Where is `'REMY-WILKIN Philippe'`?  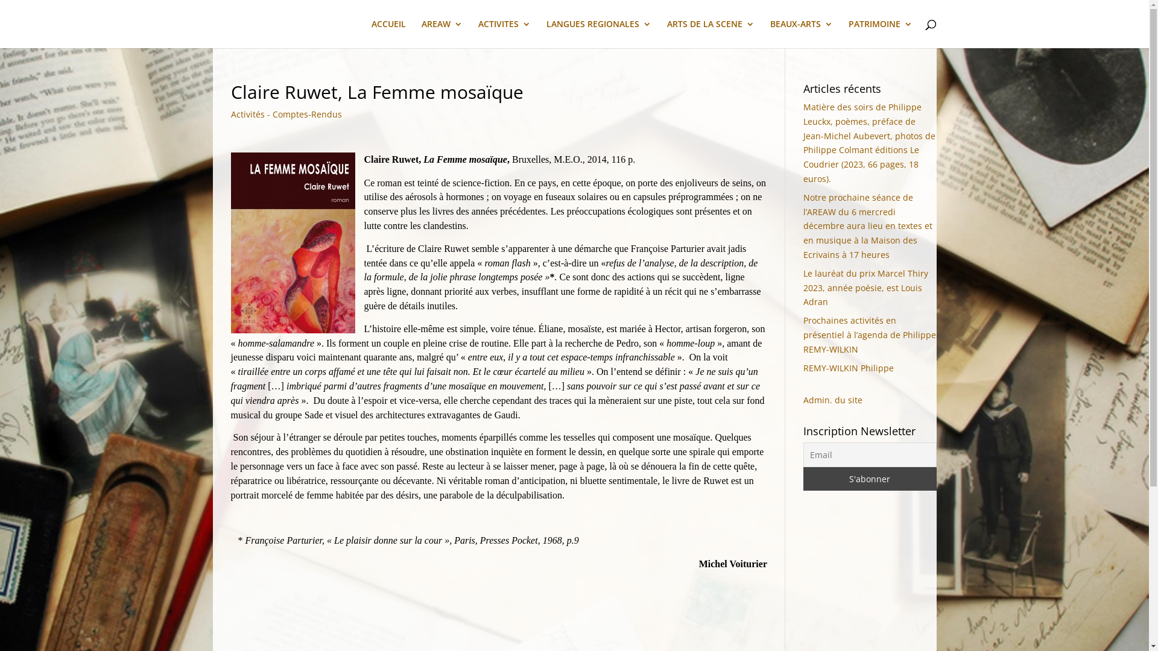 'REMY-WILKIN Philippe' is located at coordinates (803, 367).